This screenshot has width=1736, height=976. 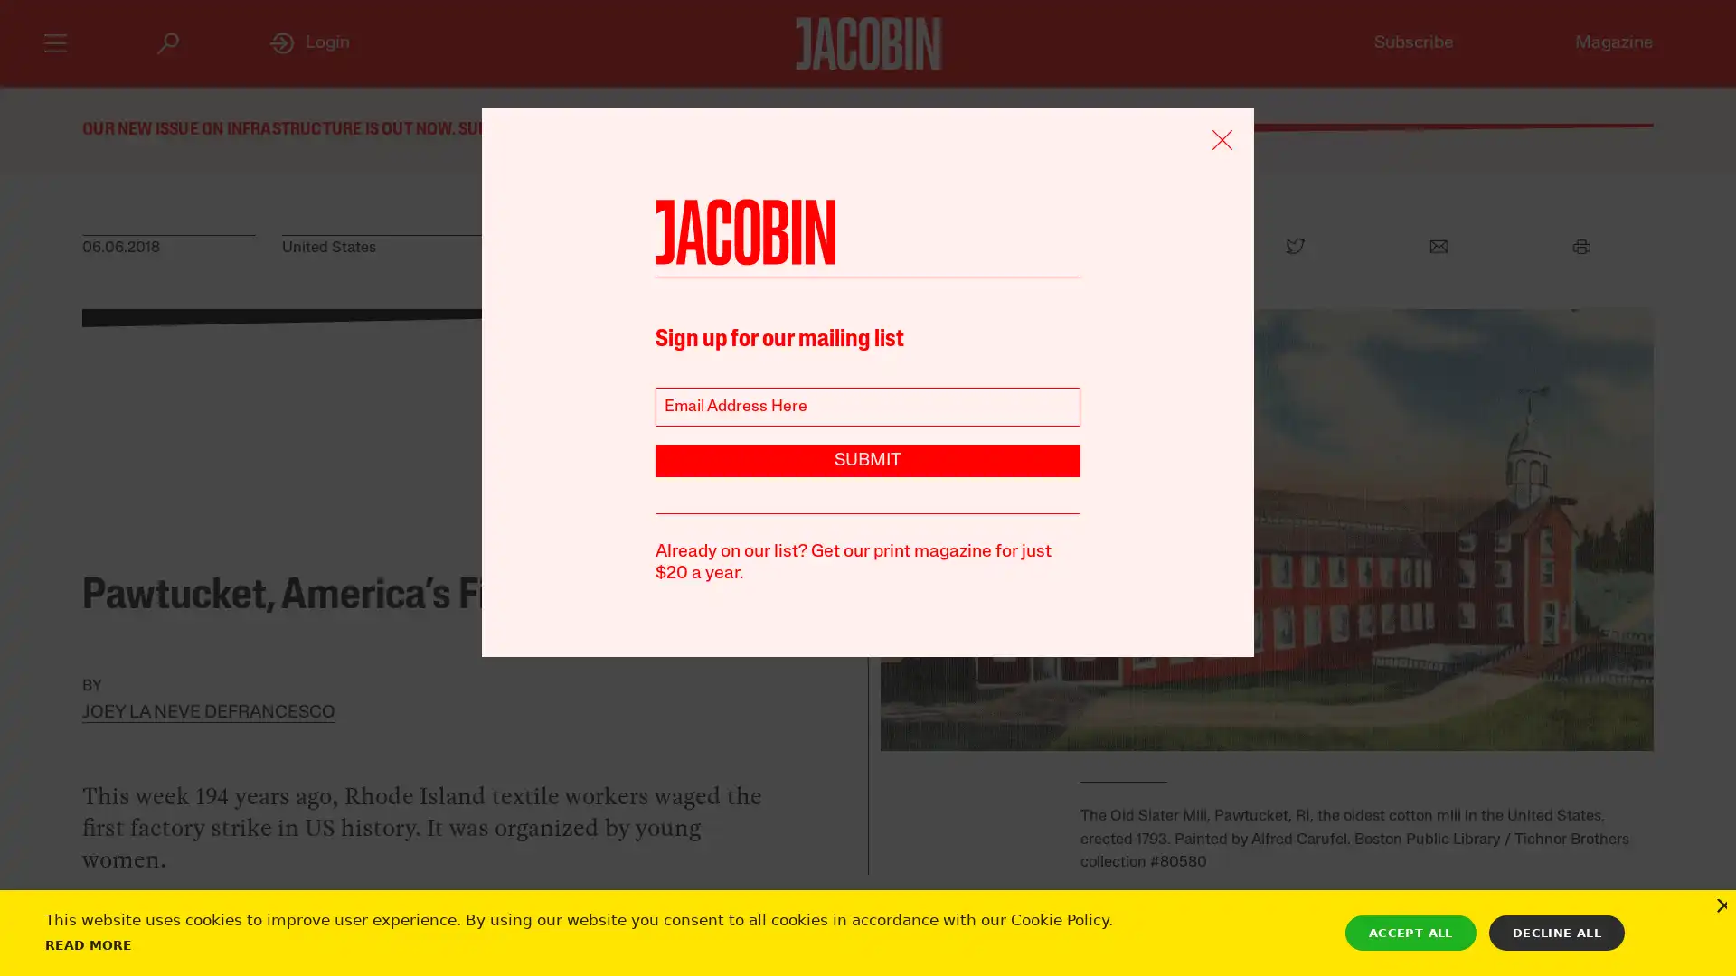 I want to click on Remove Icon, so click(x=1222, y=142).